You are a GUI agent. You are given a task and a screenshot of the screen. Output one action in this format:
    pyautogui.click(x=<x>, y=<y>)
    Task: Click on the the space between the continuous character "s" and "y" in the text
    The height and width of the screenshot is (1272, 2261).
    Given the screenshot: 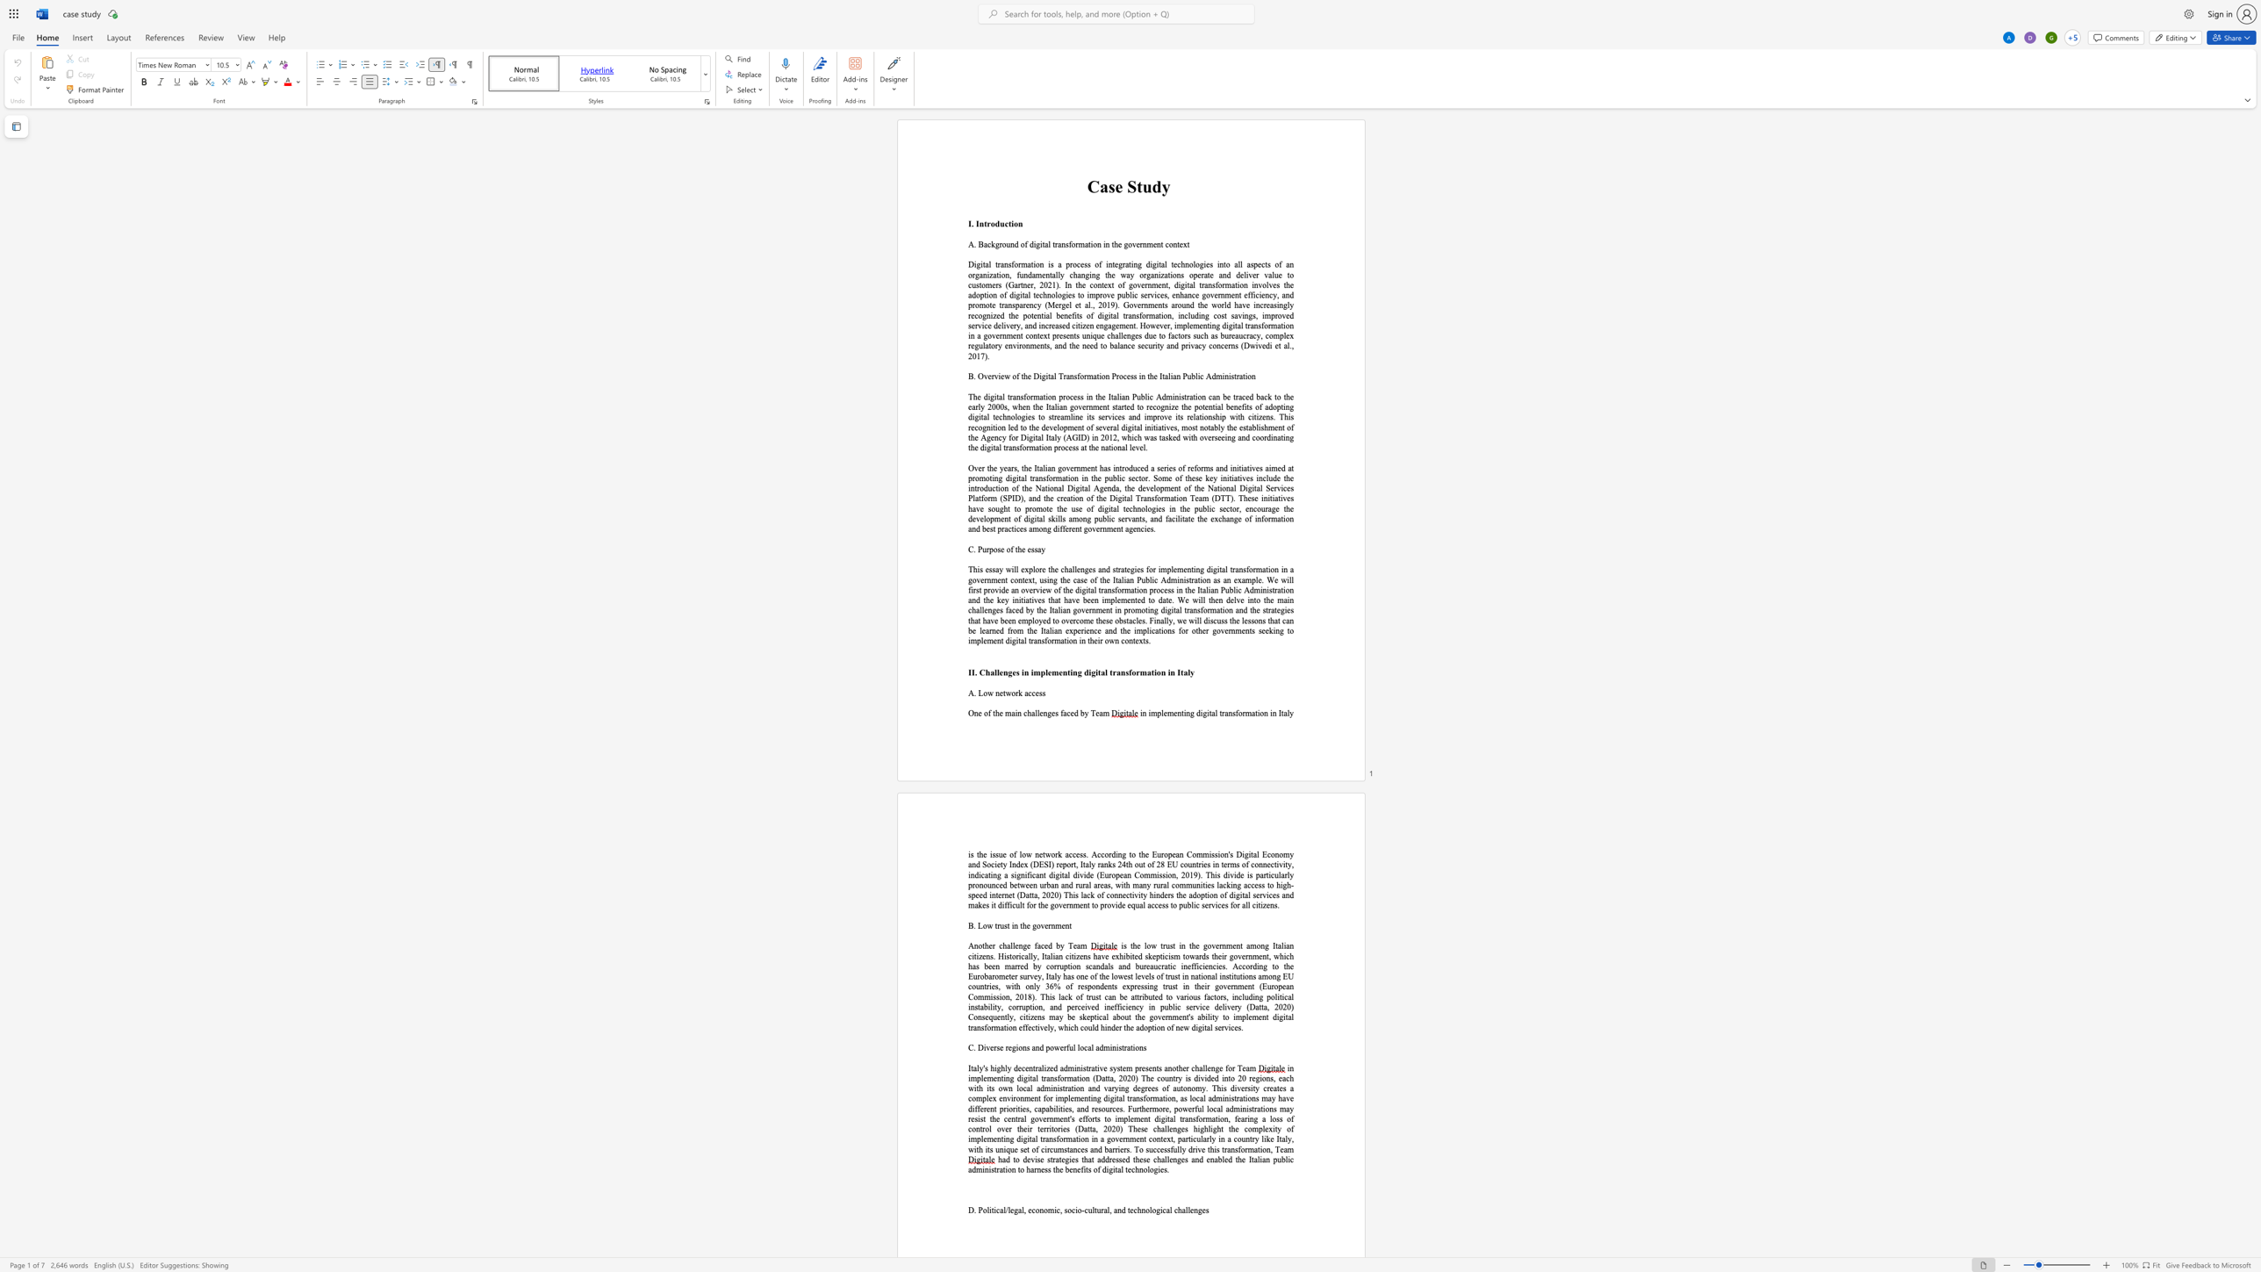 What is the action you would take?
    pyautogui.click(x=1112, y=1067)
    